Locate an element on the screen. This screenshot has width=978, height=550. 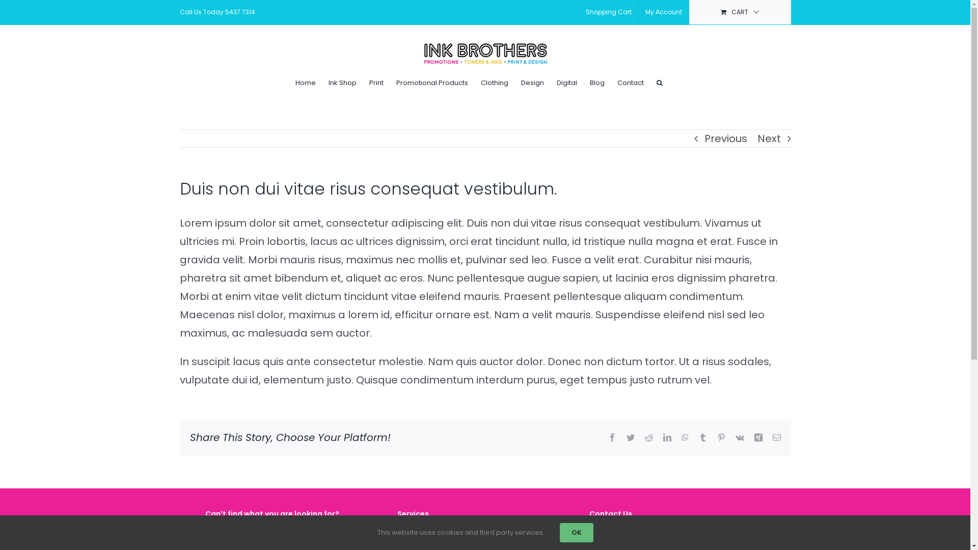
'Search' is located at coordinates (659, 82).